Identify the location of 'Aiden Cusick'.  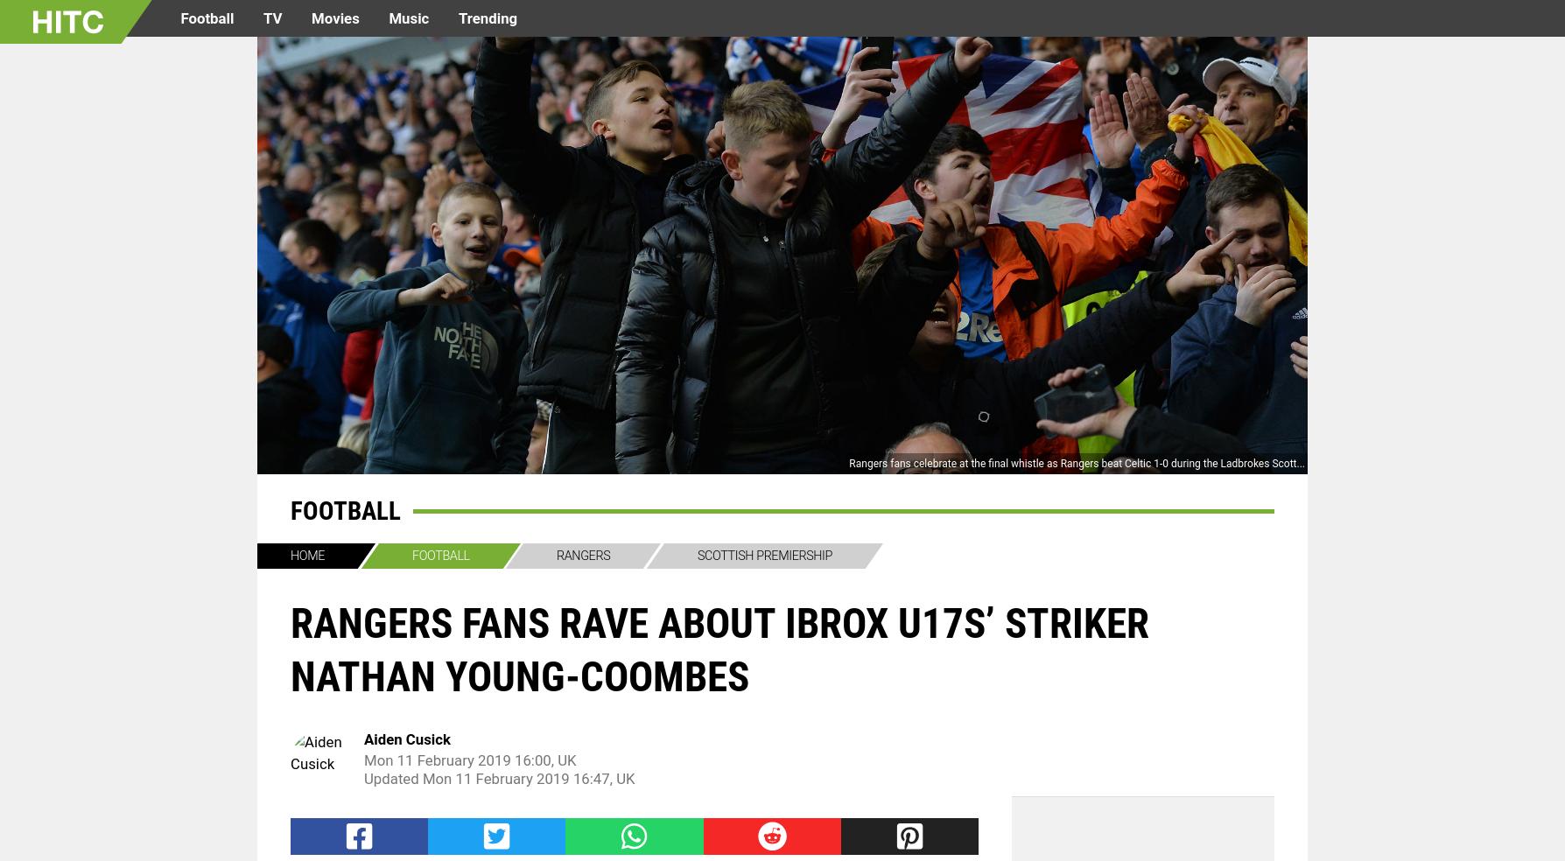
(407, 738).